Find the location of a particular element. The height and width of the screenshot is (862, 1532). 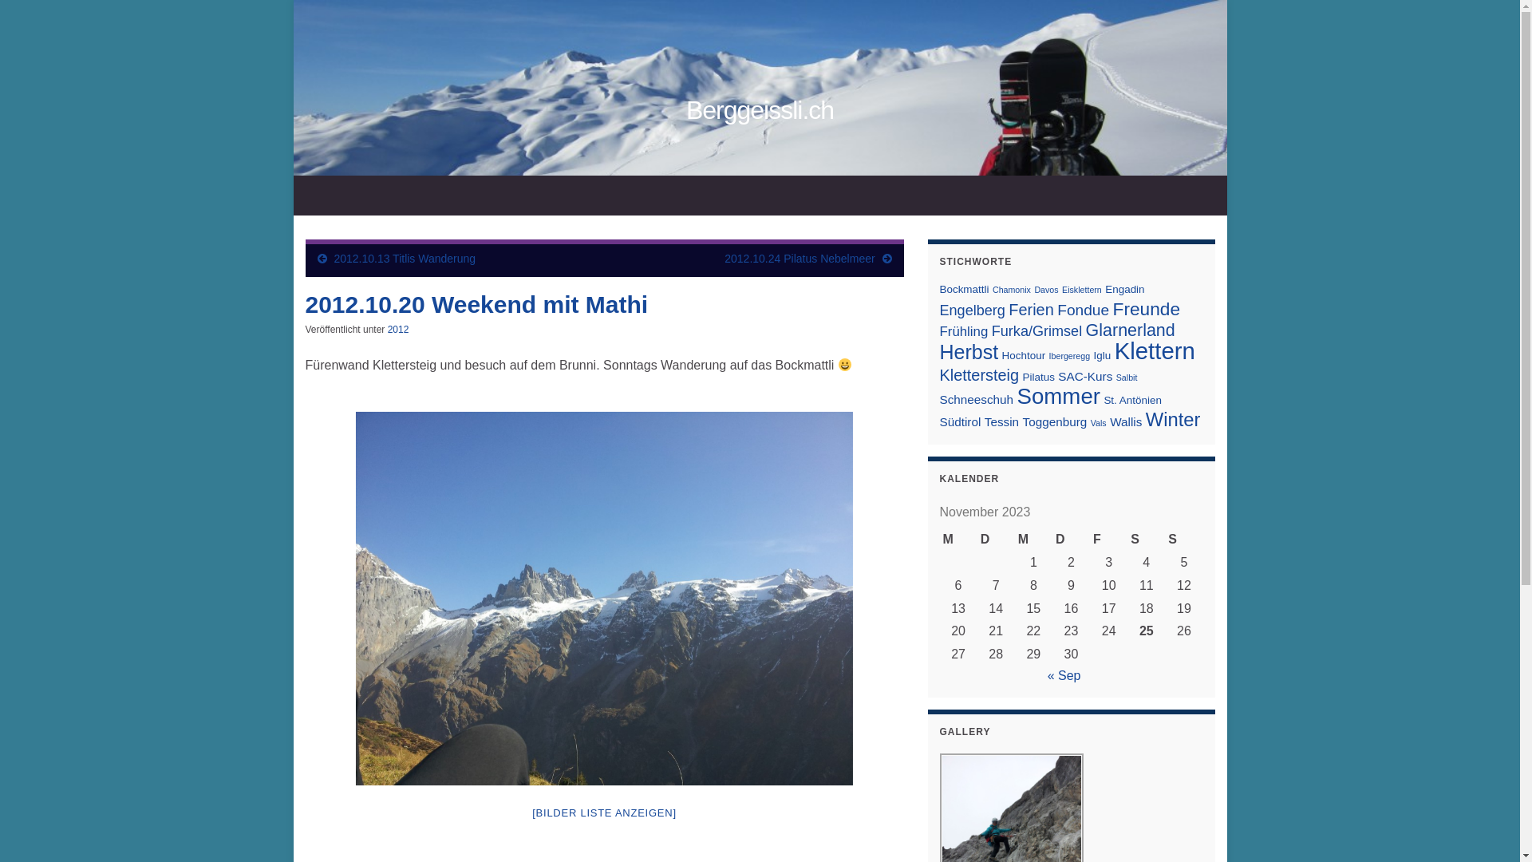

'Salbit' is located at coordinates (1126, 378).